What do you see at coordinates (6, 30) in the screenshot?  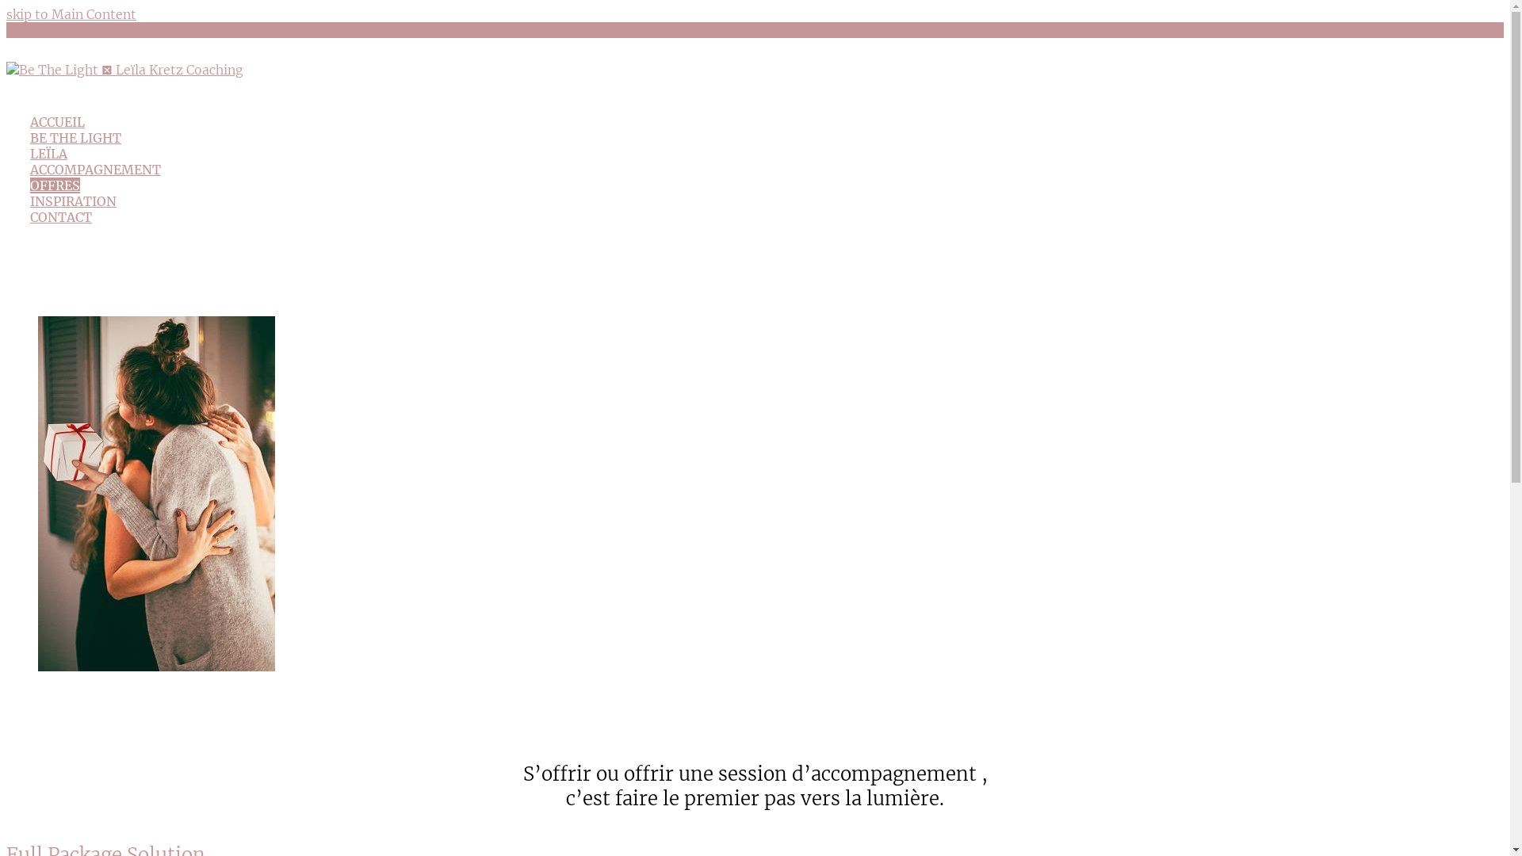 I see `'Menu'` at bounding box center [6, 30].